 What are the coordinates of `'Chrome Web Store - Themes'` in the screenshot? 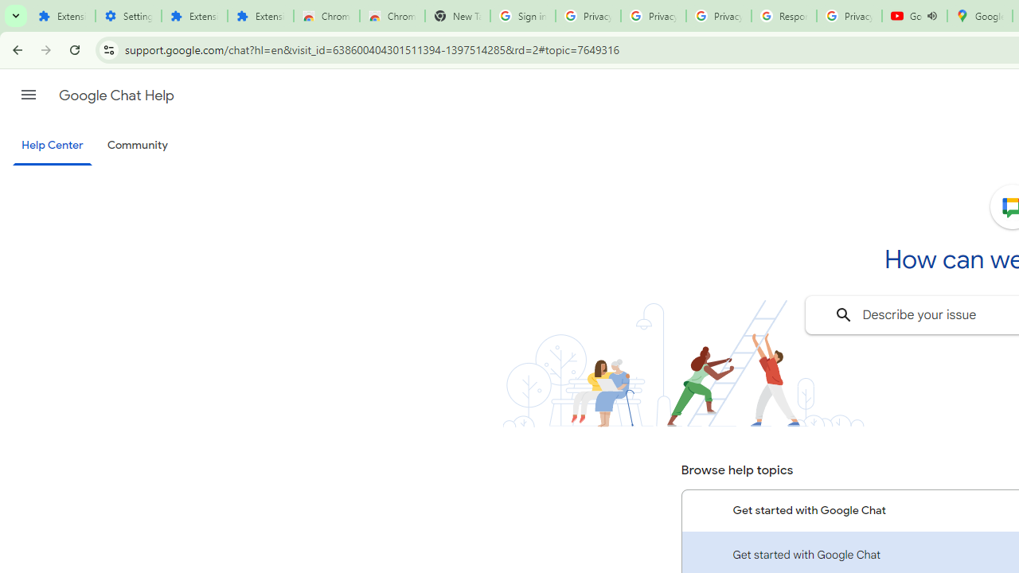 It's located at (392, 16).